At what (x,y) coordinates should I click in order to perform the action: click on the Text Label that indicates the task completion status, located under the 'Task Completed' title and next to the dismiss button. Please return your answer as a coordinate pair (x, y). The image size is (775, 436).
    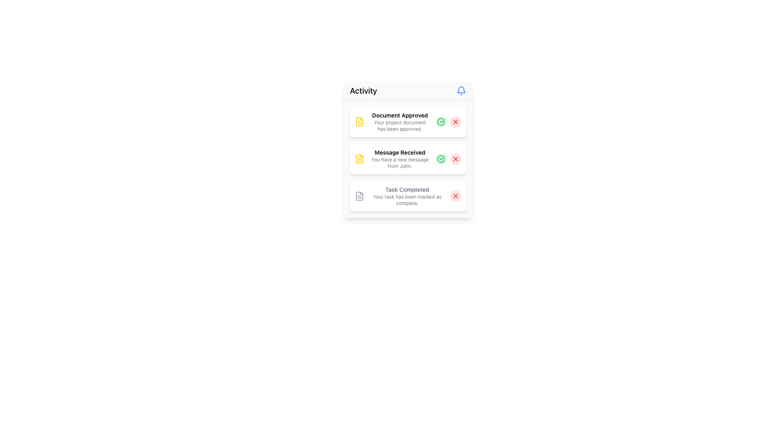
    Looking at the image, I should click on (407, 200).